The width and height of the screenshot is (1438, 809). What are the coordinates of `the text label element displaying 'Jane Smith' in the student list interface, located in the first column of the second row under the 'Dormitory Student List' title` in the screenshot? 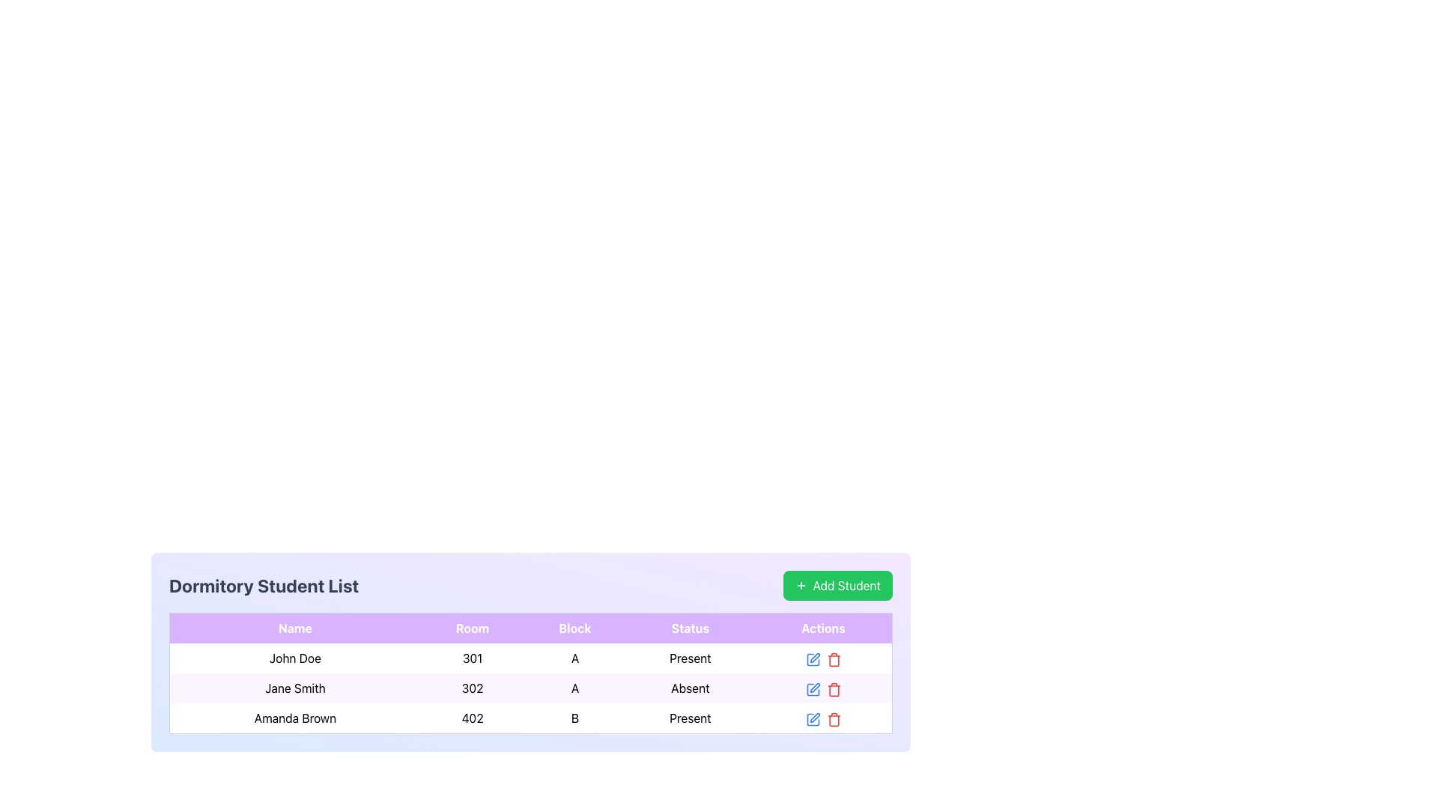 It's located at (295, 688).